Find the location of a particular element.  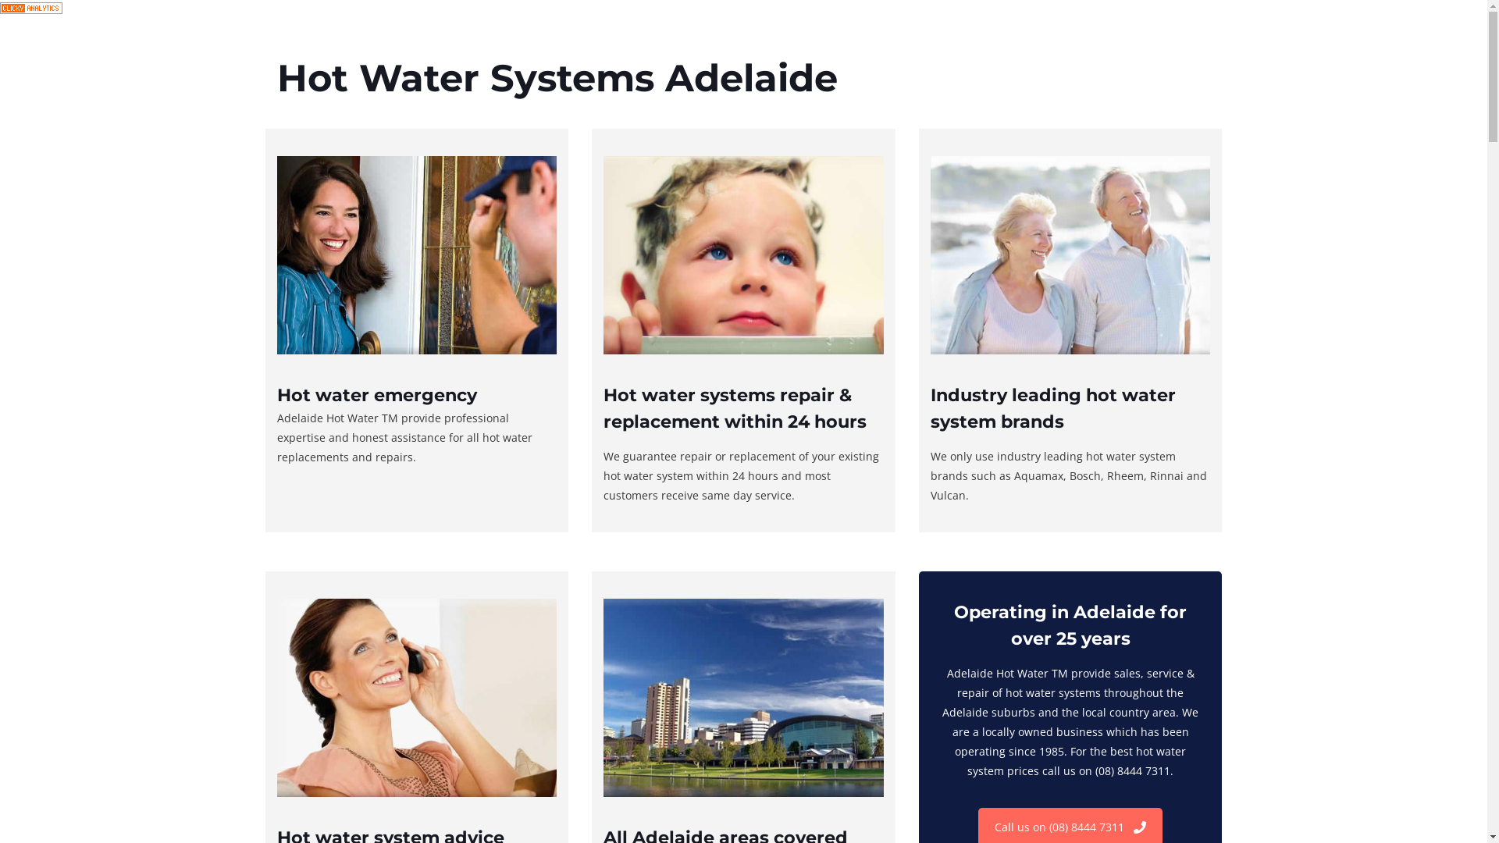

'Google Analytics Alternative' is located at coordinates (30, 9).